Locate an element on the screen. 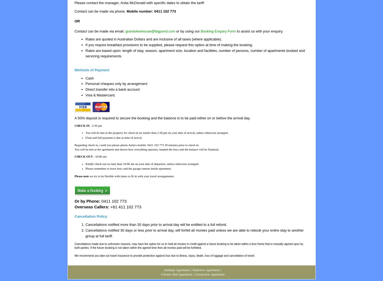 The image size is (383, 281). 'Regarding check in, could you please phone Anita's mobile: 0411 102 773 30 minutes prior to check in.' is located at coordinates (137, 144).